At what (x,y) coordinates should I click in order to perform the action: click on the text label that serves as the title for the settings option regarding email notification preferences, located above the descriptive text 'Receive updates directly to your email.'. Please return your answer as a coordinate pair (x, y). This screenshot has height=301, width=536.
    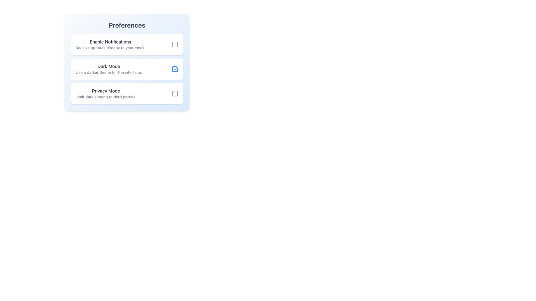
    Looking at the image, I should click on (110, 42).